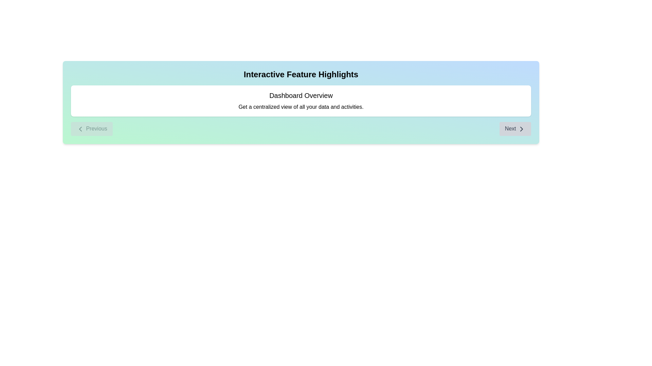  What do you see at coordinates (521, 129) in the screenshot?
I see `the chevron-shaped icon located at the bottom-right corner of the 'Next' button, which is part of the navigation control panel` at bounding box center [521, 129].